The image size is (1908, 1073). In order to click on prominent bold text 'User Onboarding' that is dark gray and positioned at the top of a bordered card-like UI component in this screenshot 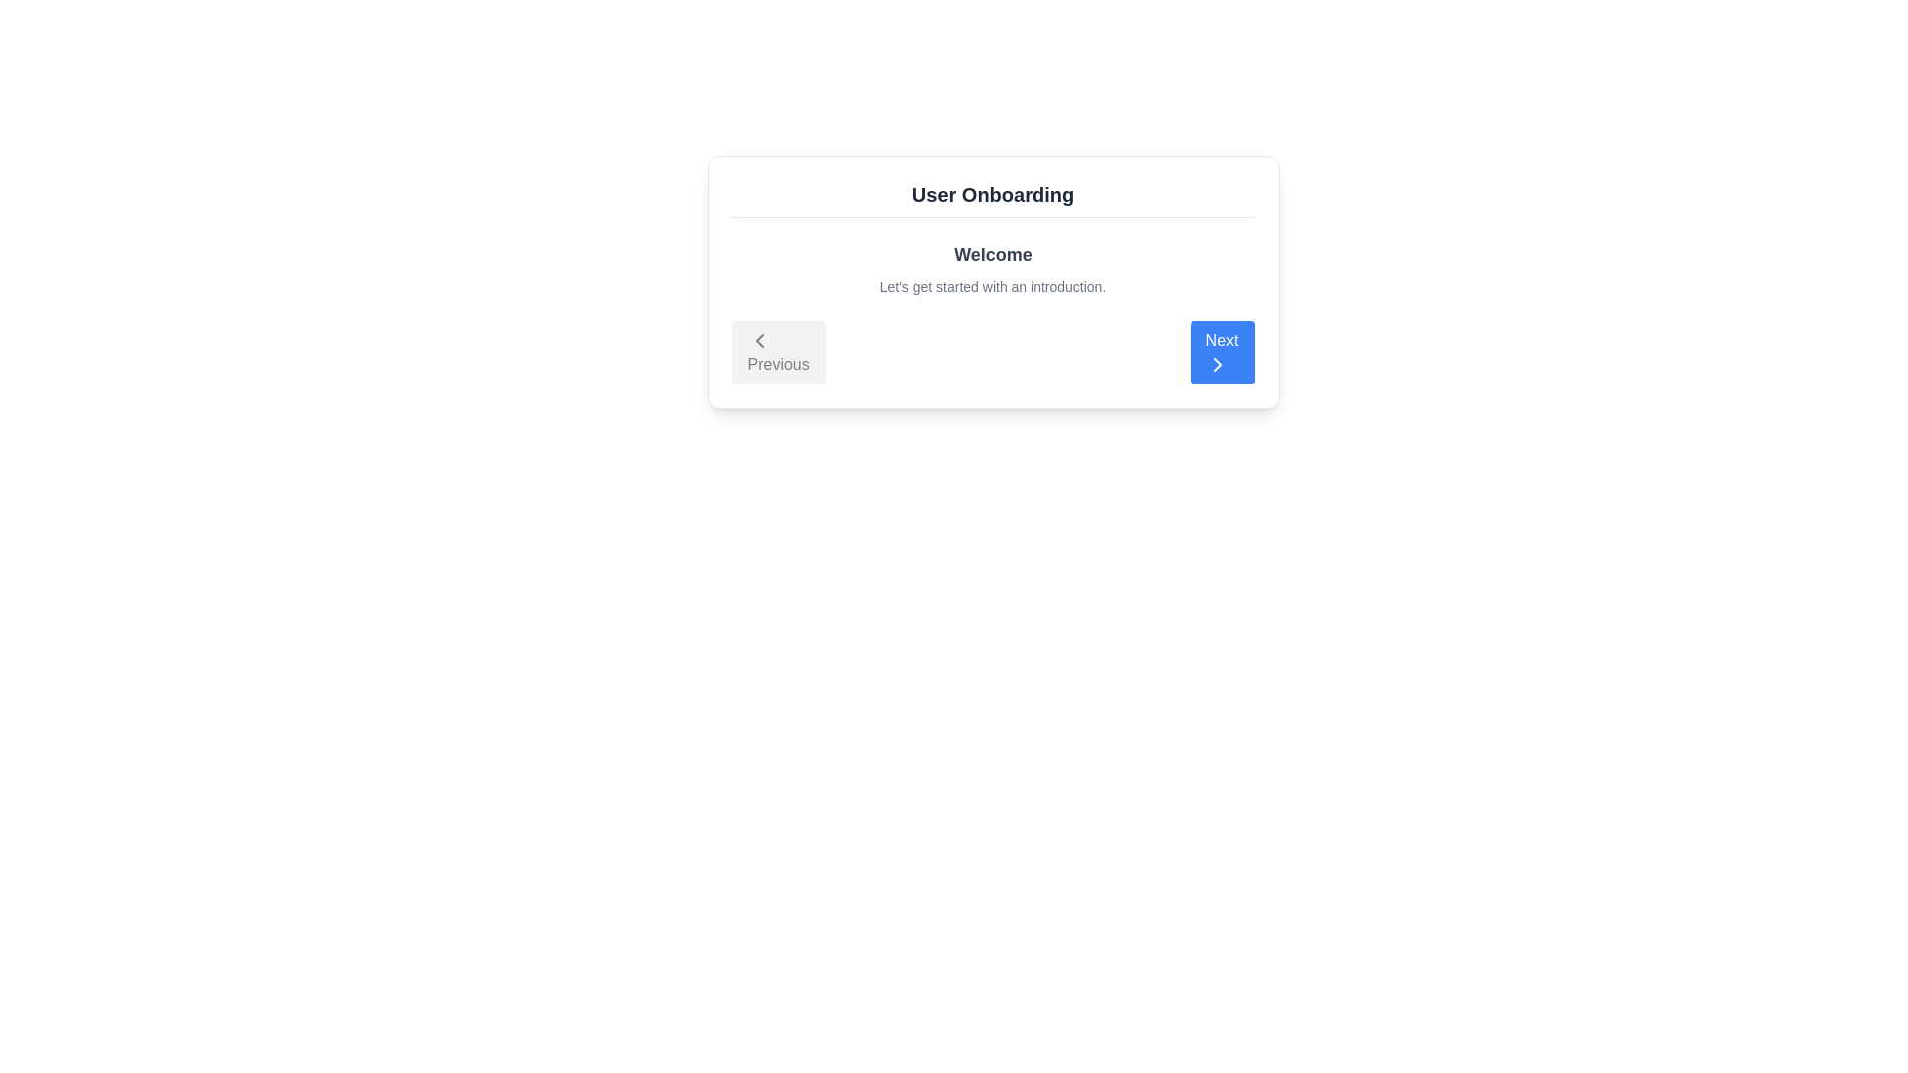, I will do `click(993, 195)`.